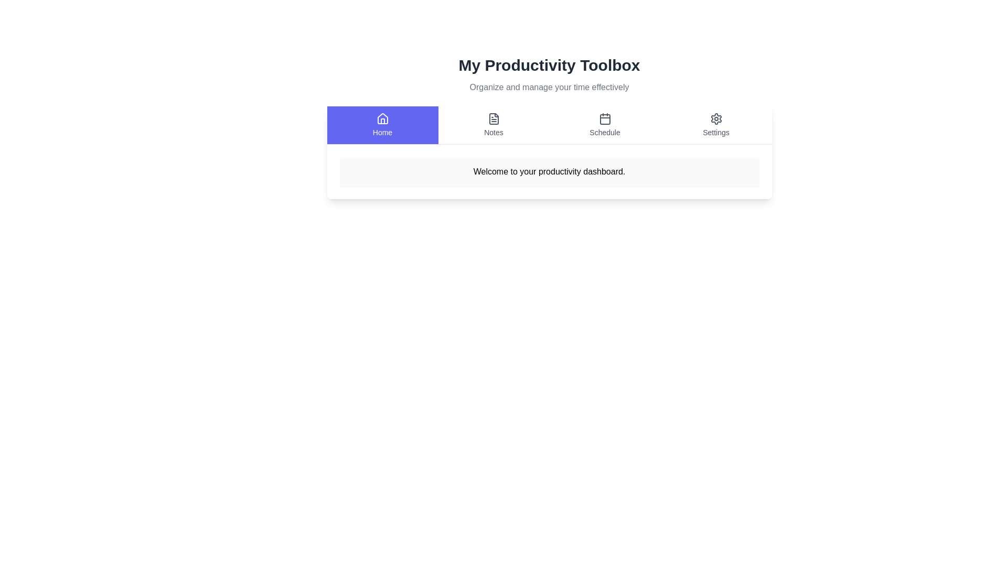 The image size is (1007, 566). I want to click on the 'Notes' icon, which is the second icon from the left in the menu, so click(493, 118).